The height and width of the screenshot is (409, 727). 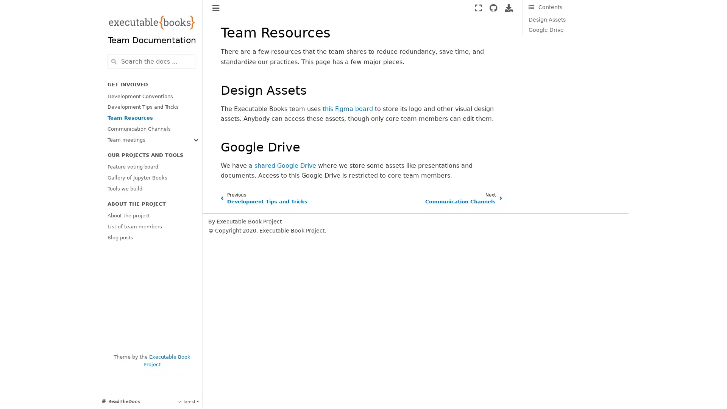 What do you see at coordinates (493, 8) in the screenshot?
I see `Source repositories` at bounding box center [493, 8].